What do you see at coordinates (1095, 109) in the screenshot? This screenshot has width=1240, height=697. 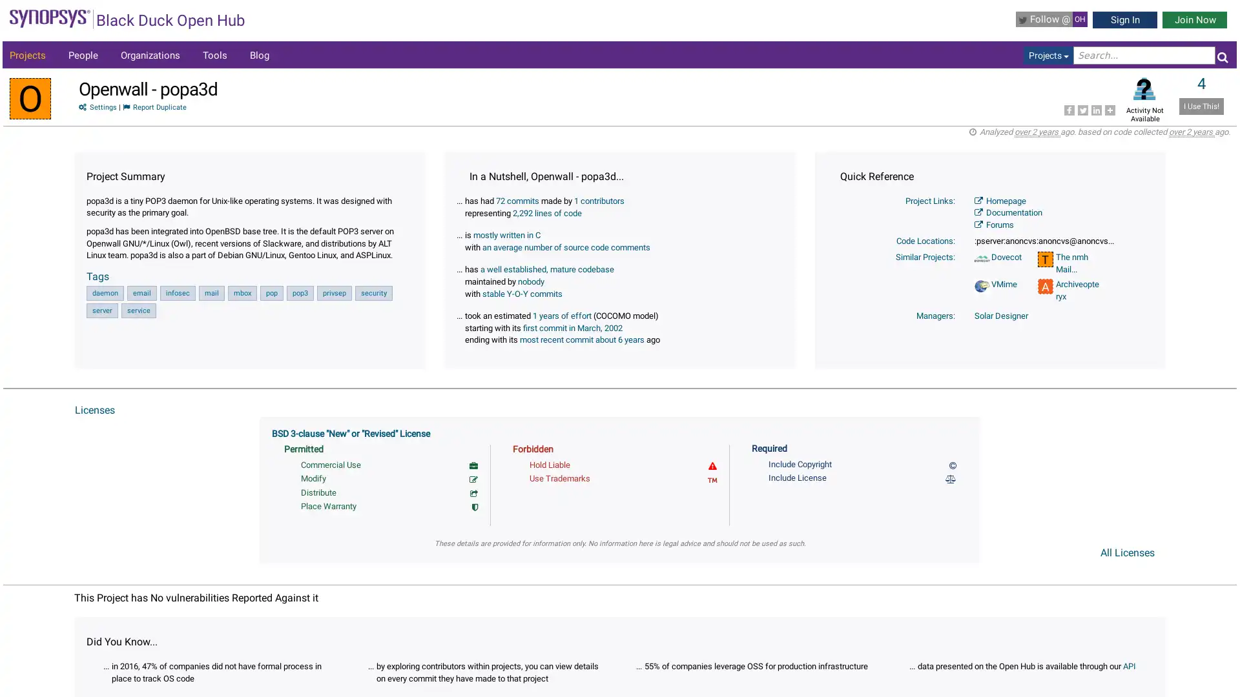 I see `Share to LinkedIn` at bounding box center [1095, 109].